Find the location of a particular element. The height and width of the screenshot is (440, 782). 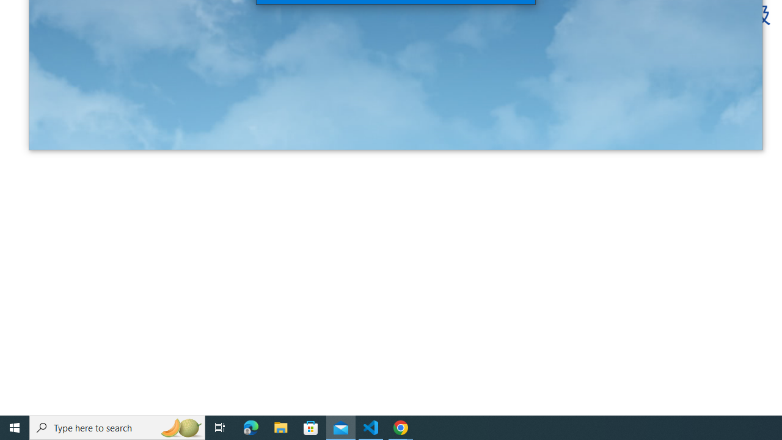

'Start' is located at coordinates (15, 427).